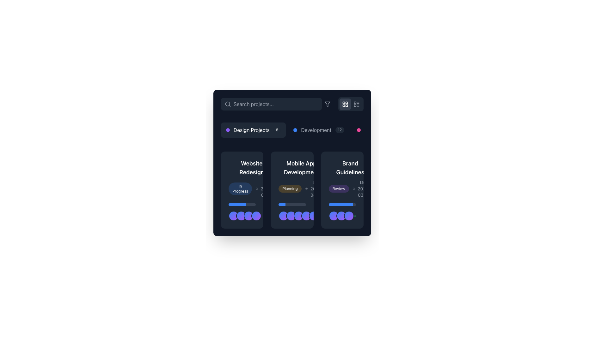  What do you see at coordinates (277, 130) in the screenshot?
I see `the displayed number on the Badge which serves as a visual indicator for 'Design Projects', located to the right of the text 'Design Projects'` at bounding box center [277, 130].